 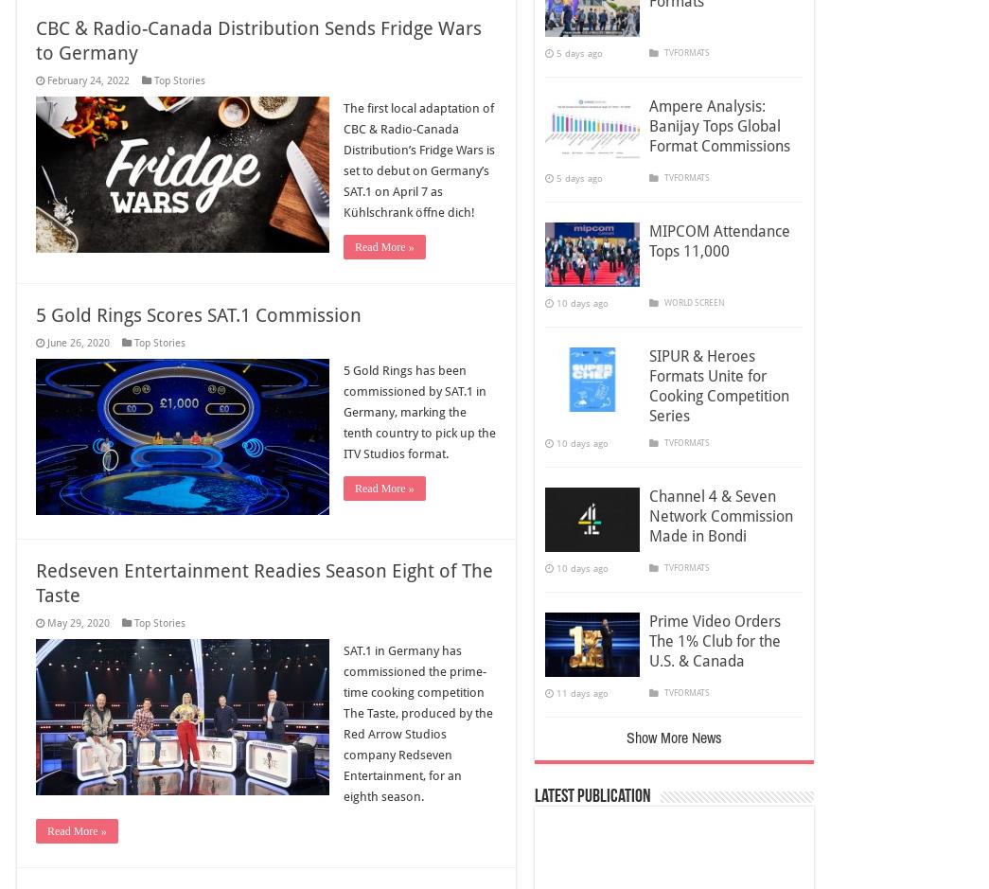 What do you see at coordinates (694, 303) in the screenshot?
I see `'WORLD SCREEN'` at bounding box center [694, 303].